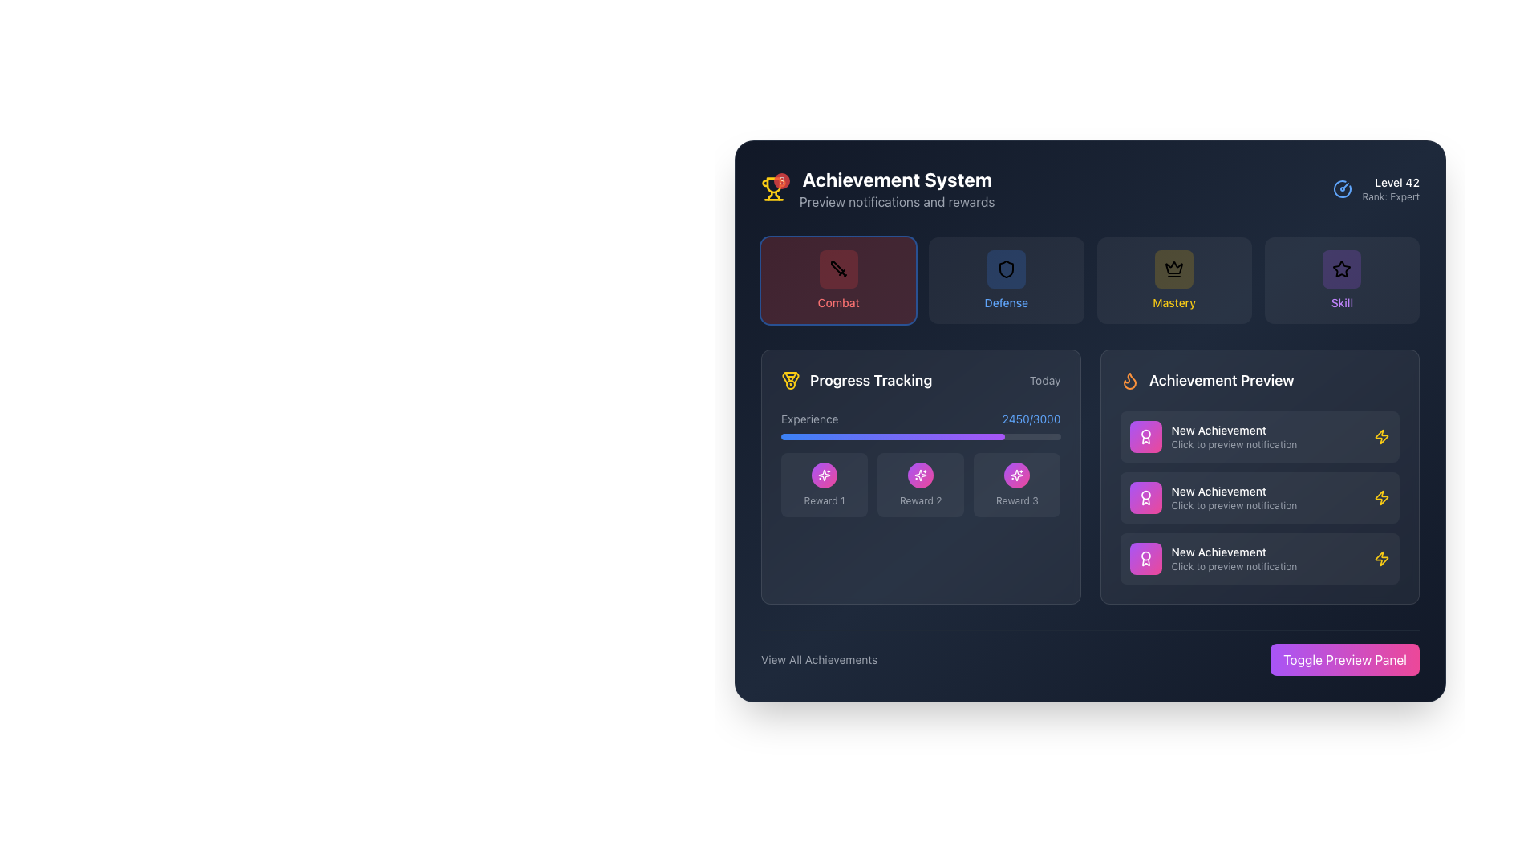 The width and height of the screenshot is (1540, 866). Describe the element at coordinates (773, 184) in the screenshot. I see `the trophy icon with a yellow outline located under the 'Achievement System' header in the user interface` at that location.